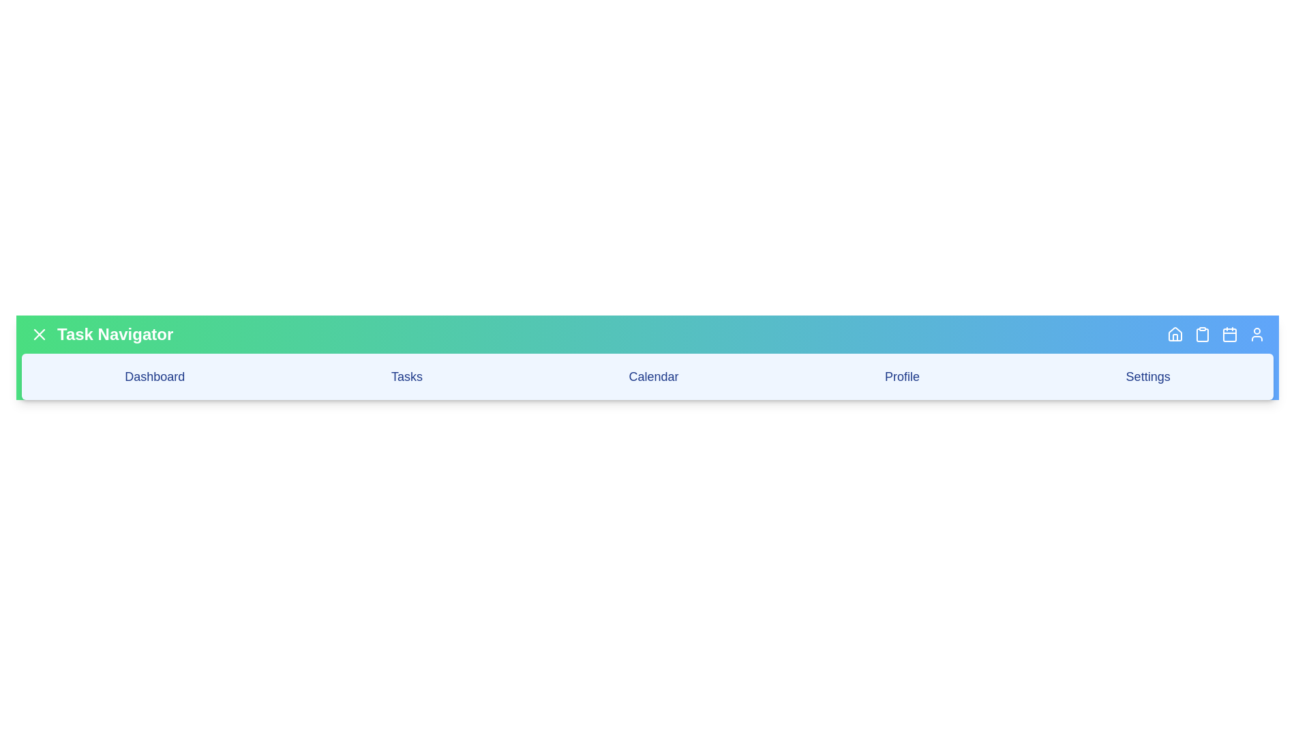  What do you see at coordinates (1230, 334) in the screenshot?
I see `the 'Calendar' button in the app bar` at bounding box center [1230, 334].